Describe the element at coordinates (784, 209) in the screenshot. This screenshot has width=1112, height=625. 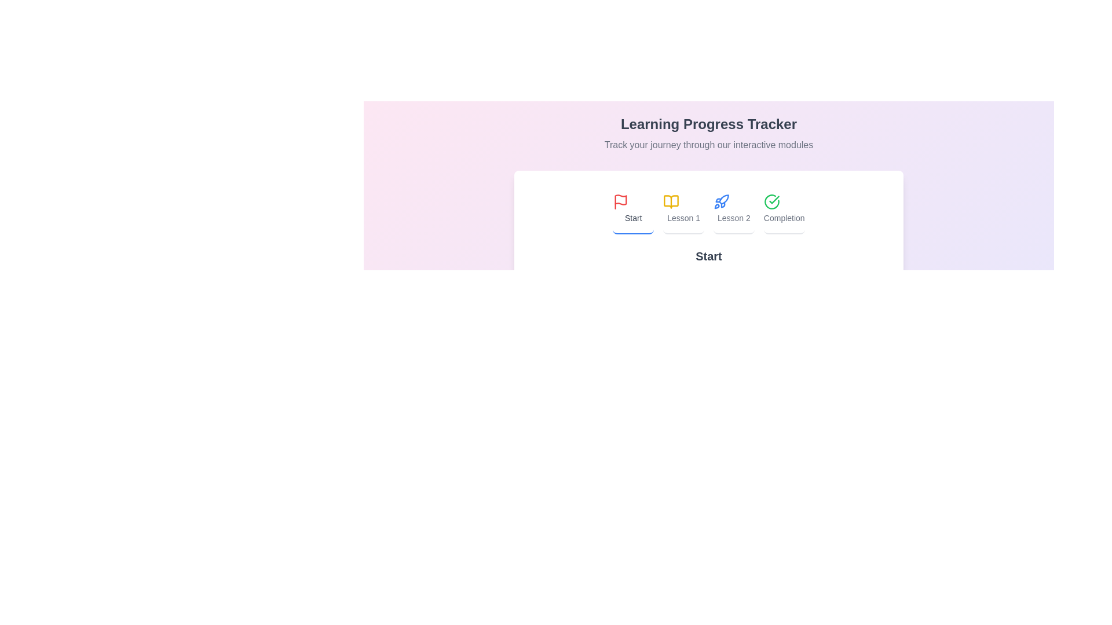
I see `the Completion button to observe its hover effect` at that location.